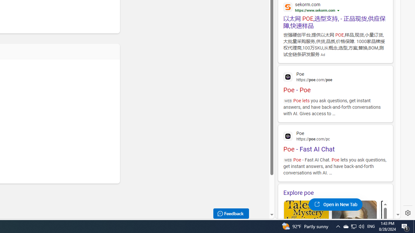 This screenshot has width=415, height=233. Describe the element at coordinates (335, 81) in the screenshot. I see `'Poe - Poe'` at that location.